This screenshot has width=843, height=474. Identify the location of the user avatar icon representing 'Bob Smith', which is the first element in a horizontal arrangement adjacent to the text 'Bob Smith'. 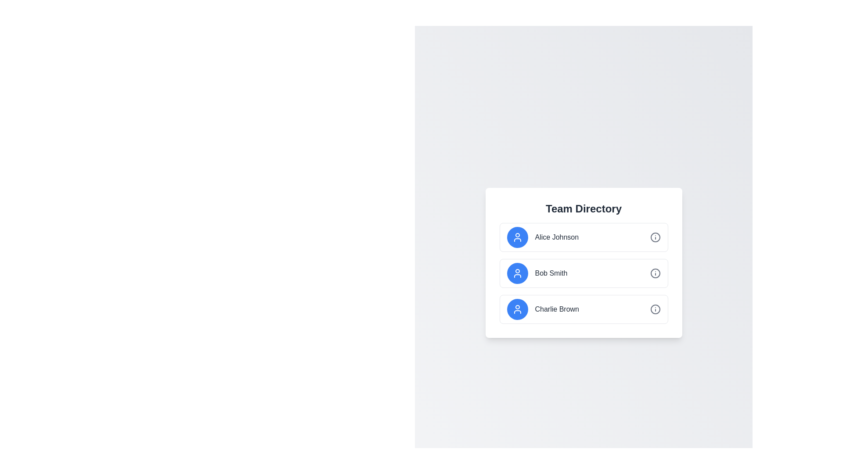
(517, 273).